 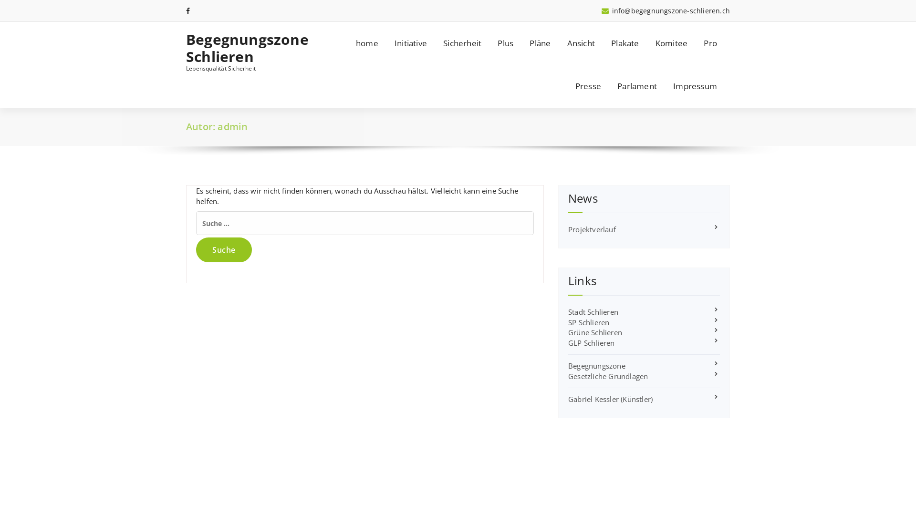 What do you see at coordinates (696, 43) in the screenshot?
I see `'Pro'` at bounding box center [696, 43].